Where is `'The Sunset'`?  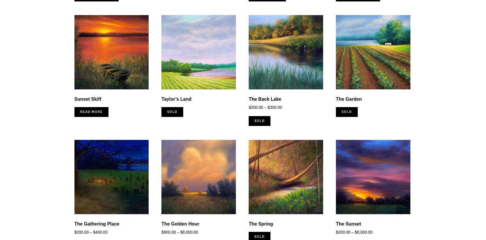 'The Sunset' is located at coordinates (348, 223).